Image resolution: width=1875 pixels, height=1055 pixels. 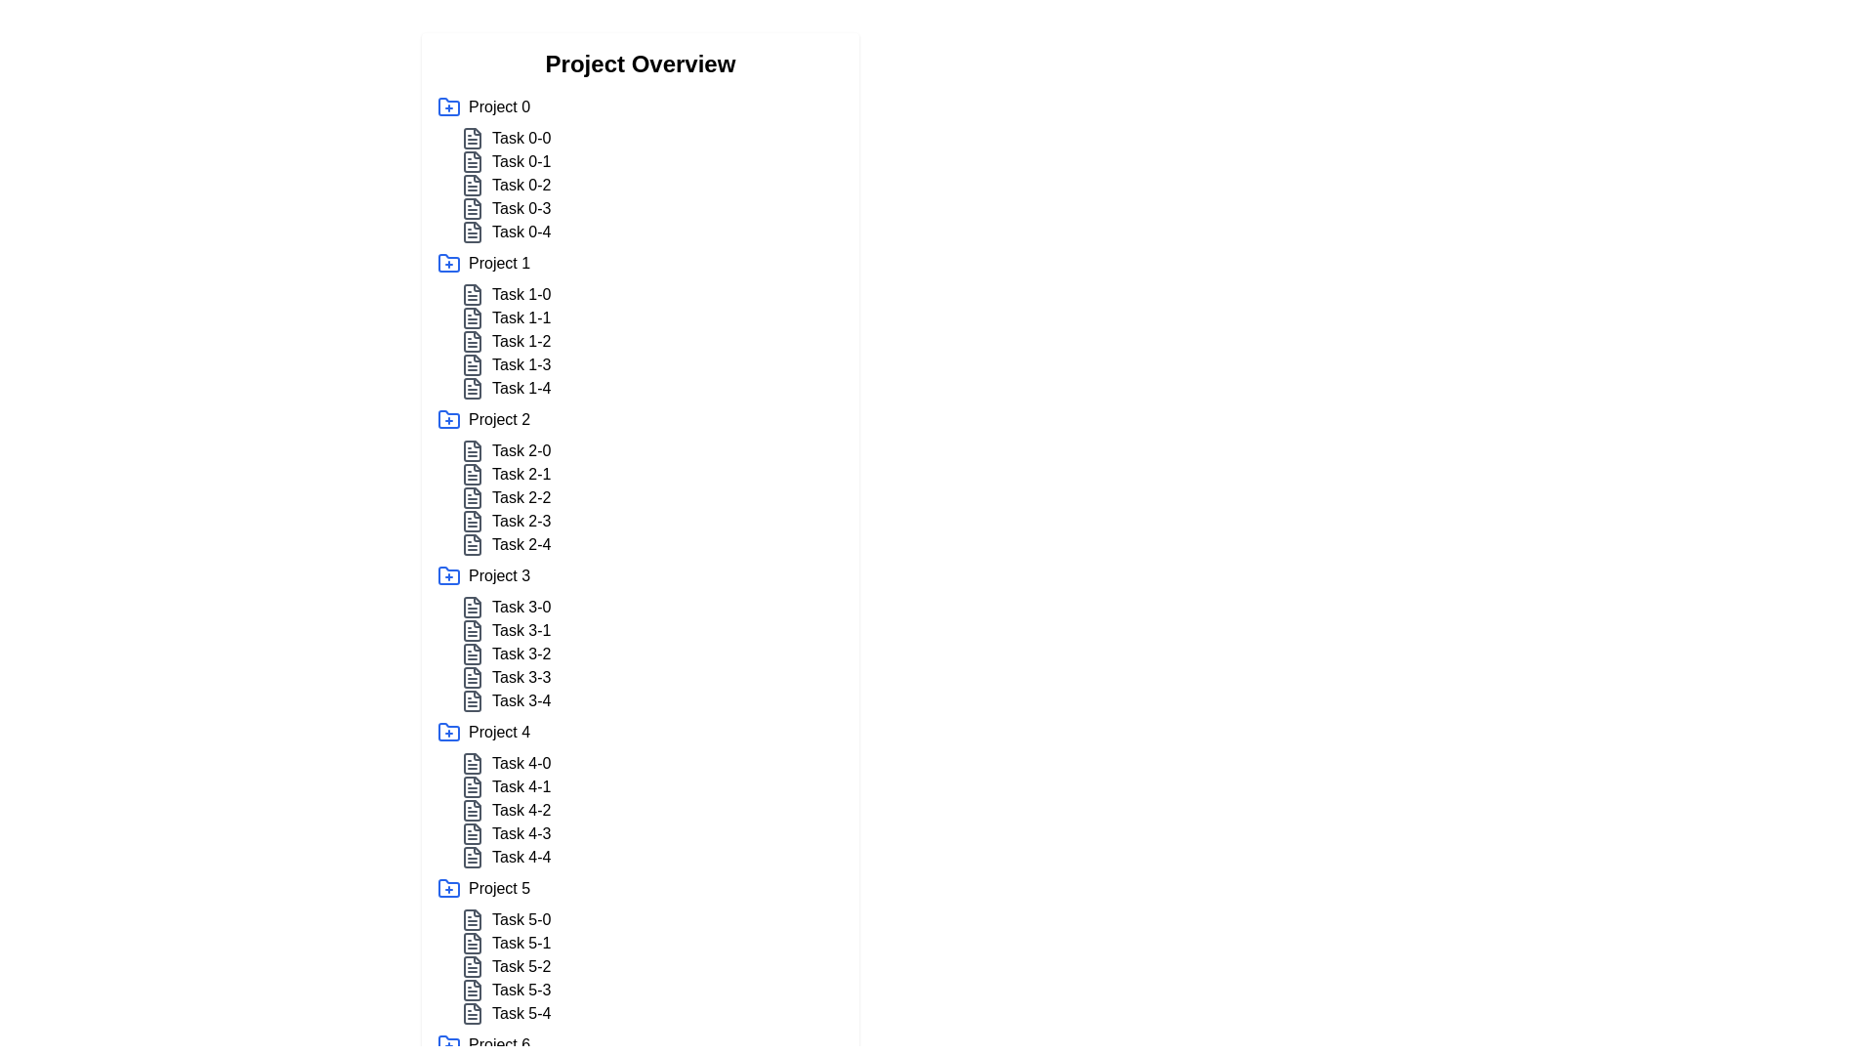 I want to click on the 'Project 1' label in the hierarchical list to interact with it, so click(x=499, y=264).